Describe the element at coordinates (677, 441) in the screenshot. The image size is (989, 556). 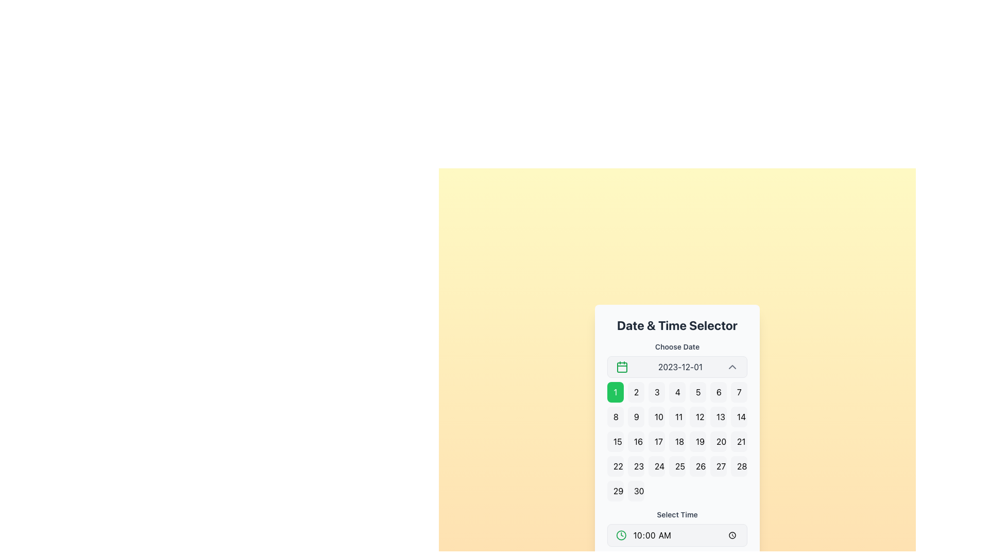
I see `the fourth button in the third row of the date picker component` at that location.